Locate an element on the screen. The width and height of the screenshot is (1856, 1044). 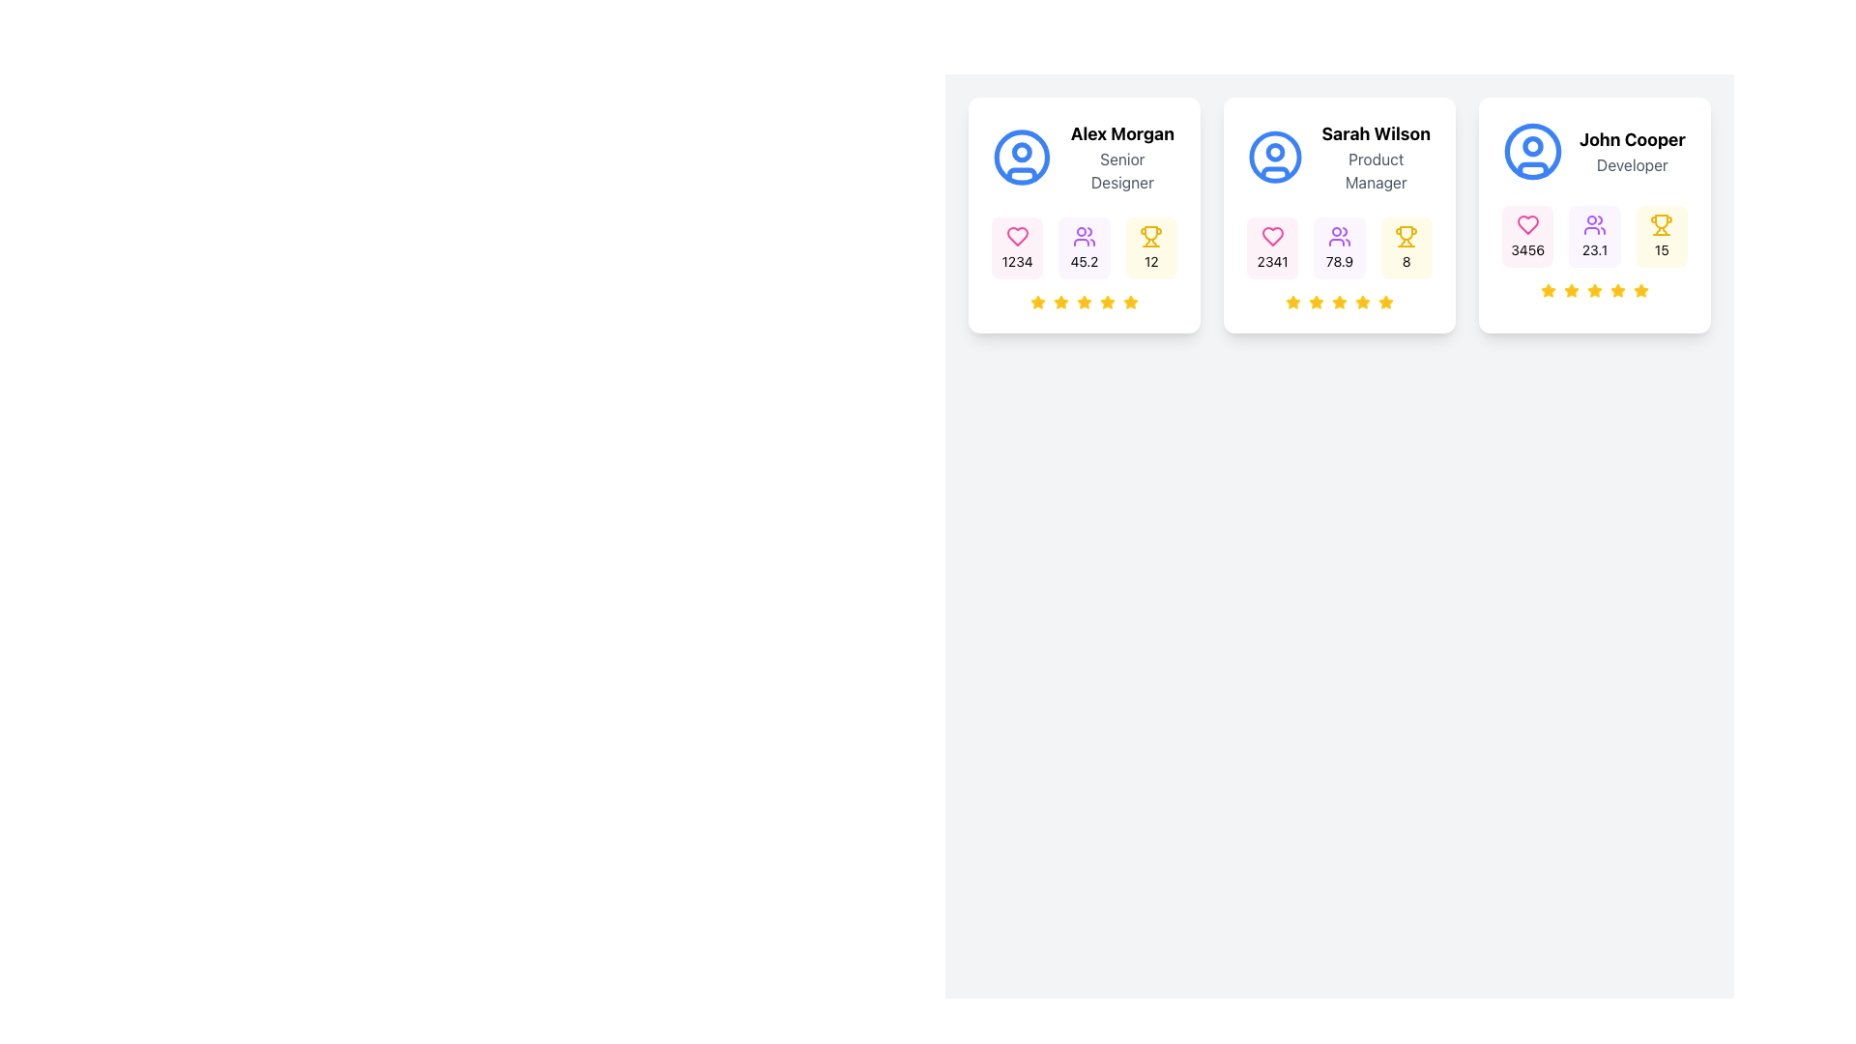
the static text displaying the numerical value '2341', which is bold and located in the second card under a pink heart icon is located at coordinates (1272, 261).